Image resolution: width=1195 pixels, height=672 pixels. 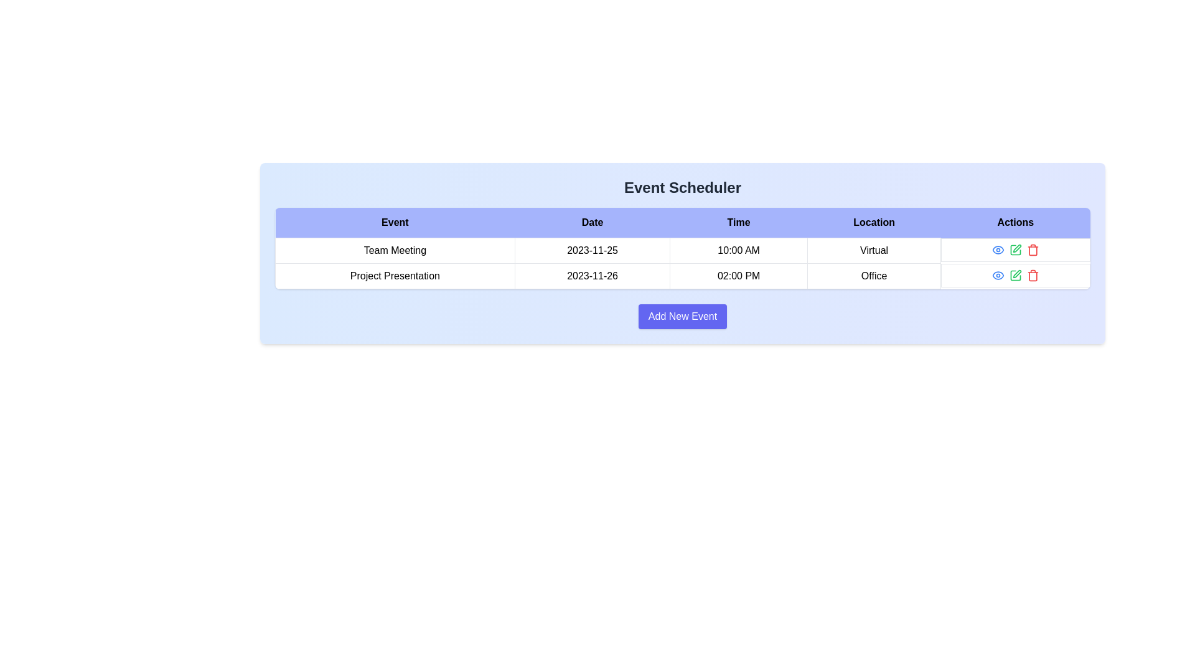 What do you see at coordinates (1016, 250) in the screenshot?
I see `the edit button located in the Actions column of the second row in the table to initiate the edit action` at bounding box center [1016, 250].